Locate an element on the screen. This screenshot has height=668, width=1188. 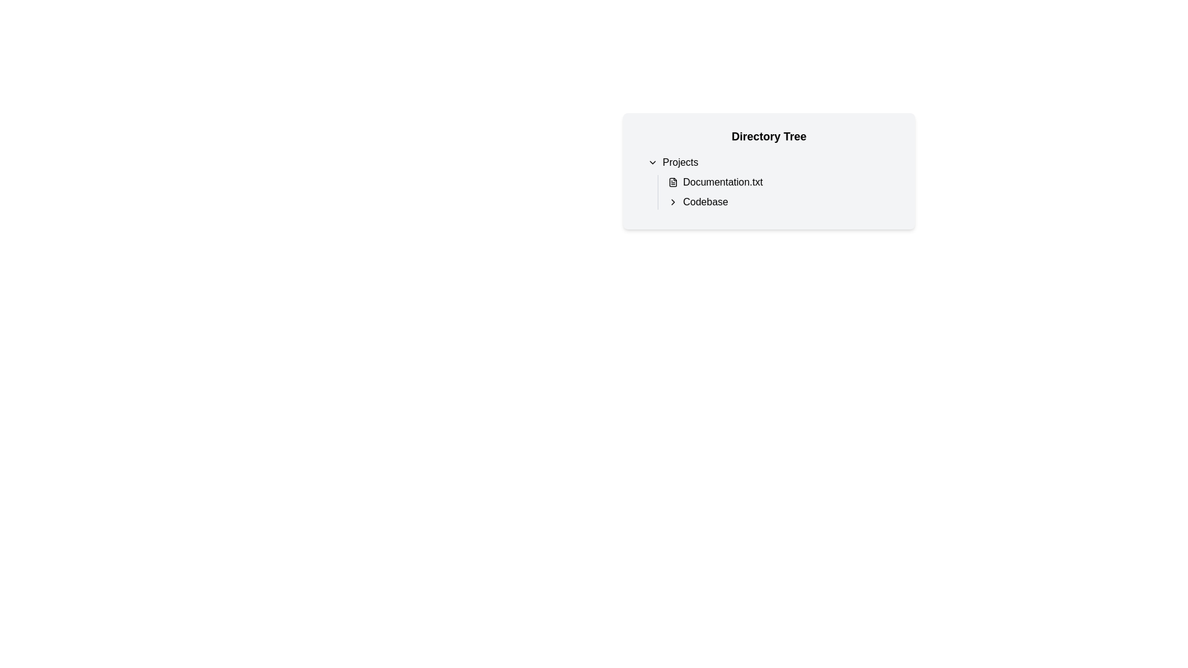
the List Item representing the file 'Documentation.txt' in the 'Projects' section is located at coordinates (768, 182).